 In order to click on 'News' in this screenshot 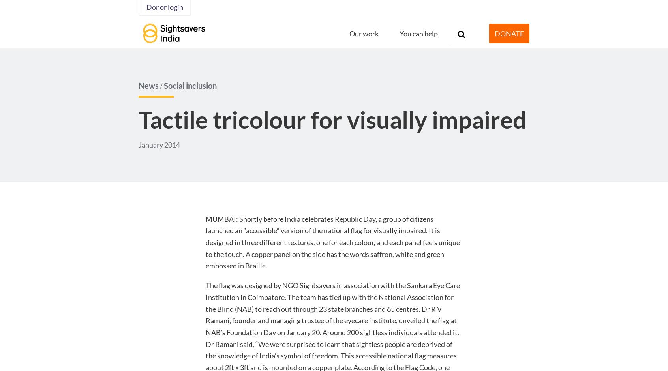, I will do `click(148, 85)`.